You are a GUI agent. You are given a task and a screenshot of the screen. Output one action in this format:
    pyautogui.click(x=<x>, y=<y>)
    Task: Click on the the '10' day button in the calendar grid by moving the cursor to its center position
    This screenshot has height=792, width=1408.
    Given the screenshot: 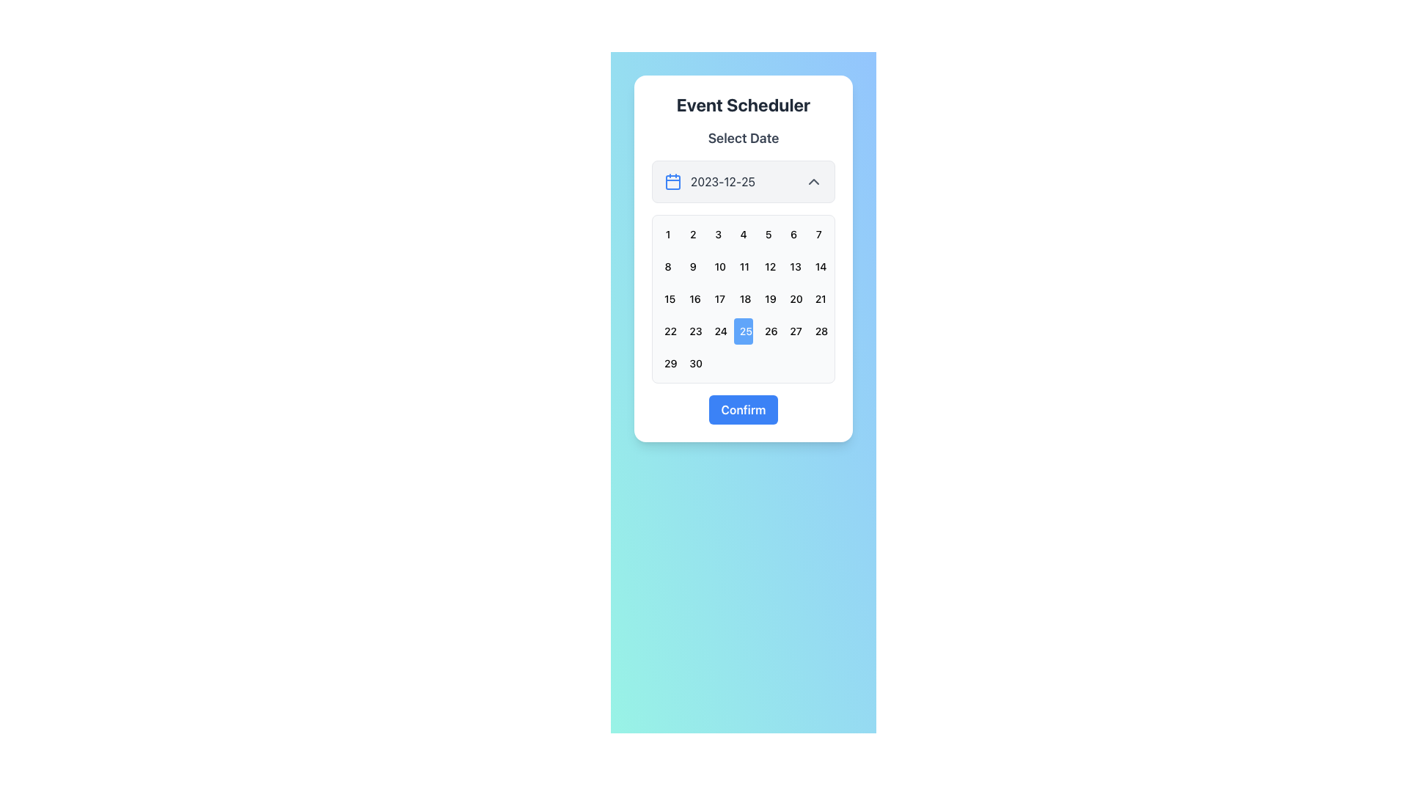 What is the action you would take?
    pyautogui.click(x=718, y=266)
    